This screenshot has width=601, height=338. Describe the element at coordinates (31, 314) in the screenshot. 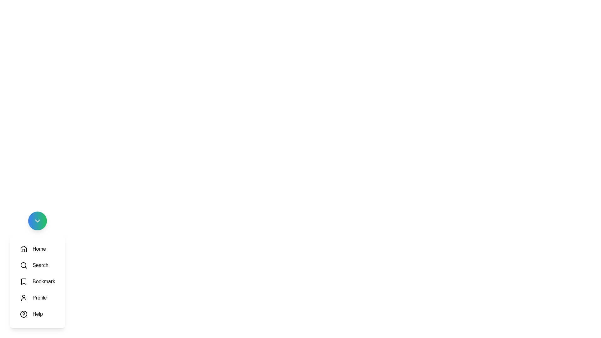

I see `the icon labeled Help` at that location.